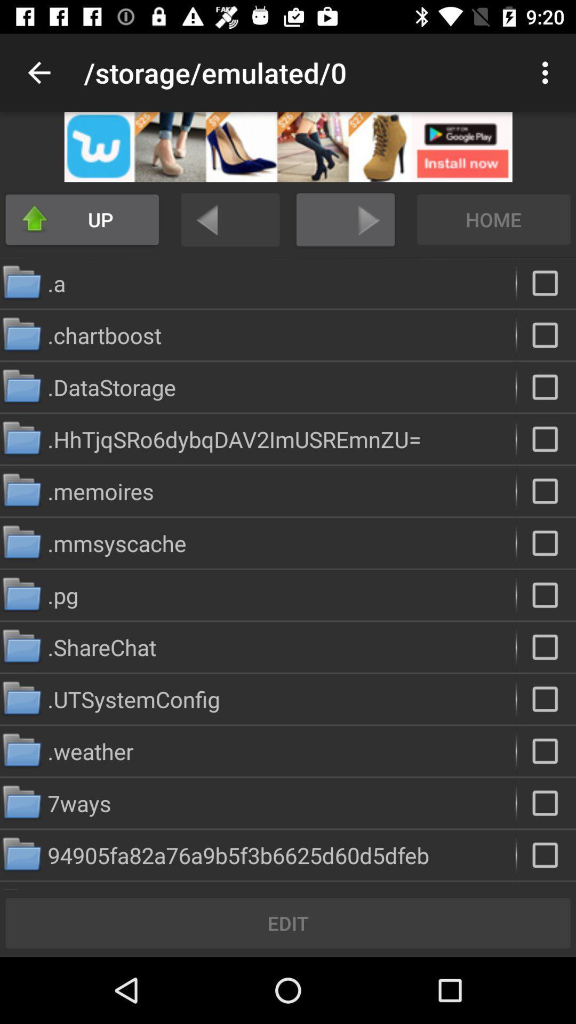  What do you see at coordinates (546, 646) in the screenshot?
I see `sharechat select button` at bounding box center [546, 646].